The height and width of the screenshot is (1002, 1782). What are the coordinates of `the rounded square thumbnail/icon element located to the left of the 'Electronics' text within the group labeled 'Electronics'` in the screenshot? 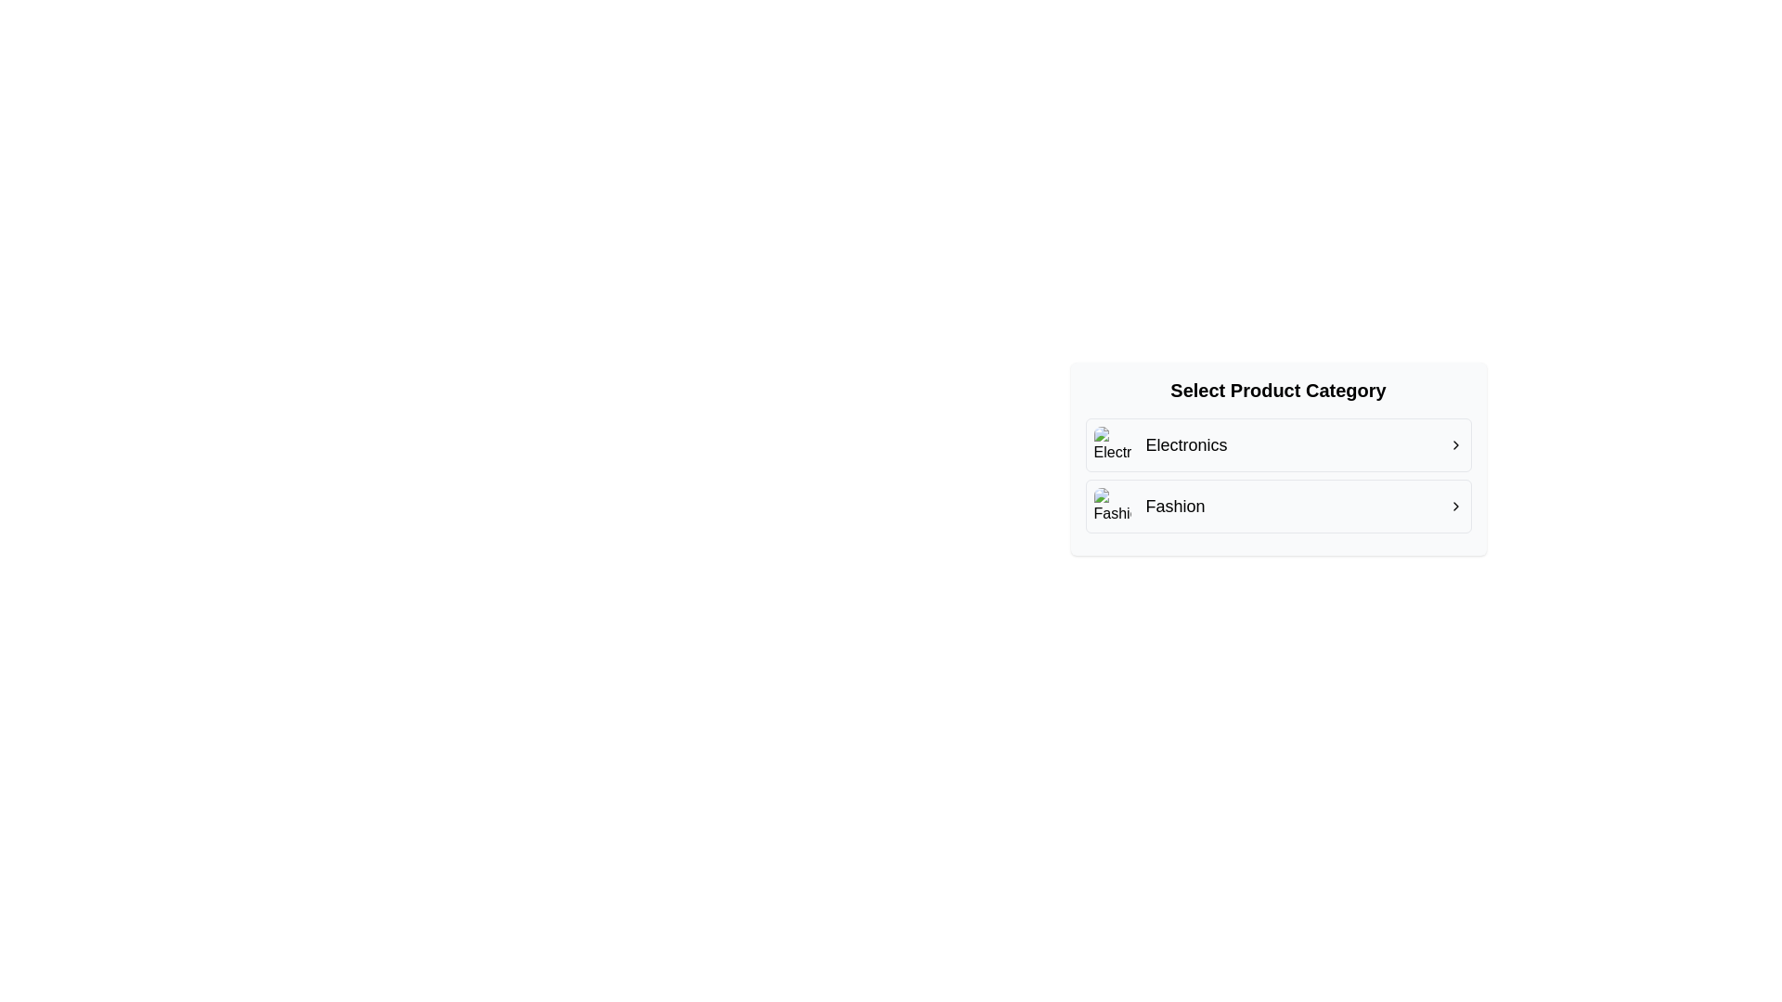 It's located at (1112, 444).